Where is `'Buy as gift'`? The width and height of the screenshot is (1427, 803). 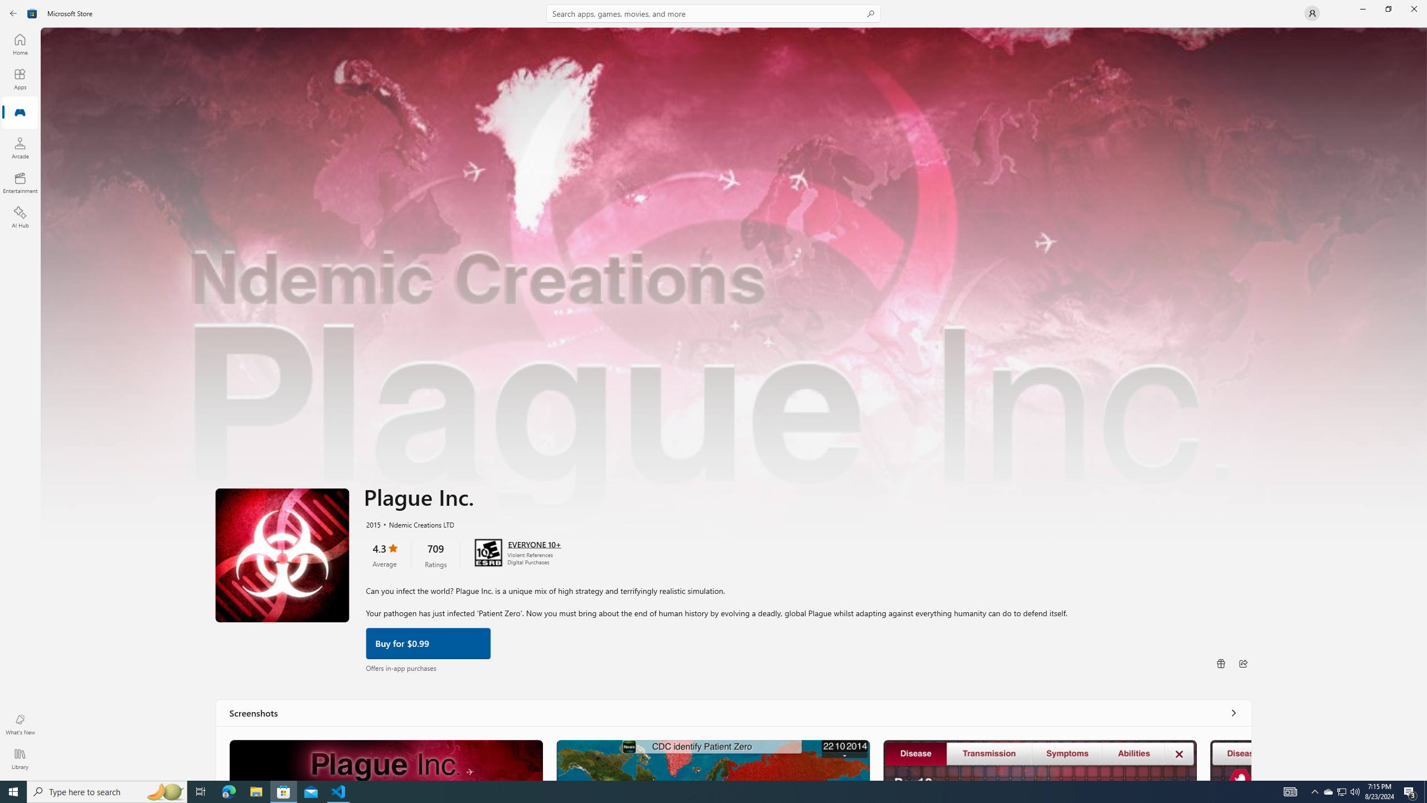
'Buy as gift' is located at coordinates (1220, 662).